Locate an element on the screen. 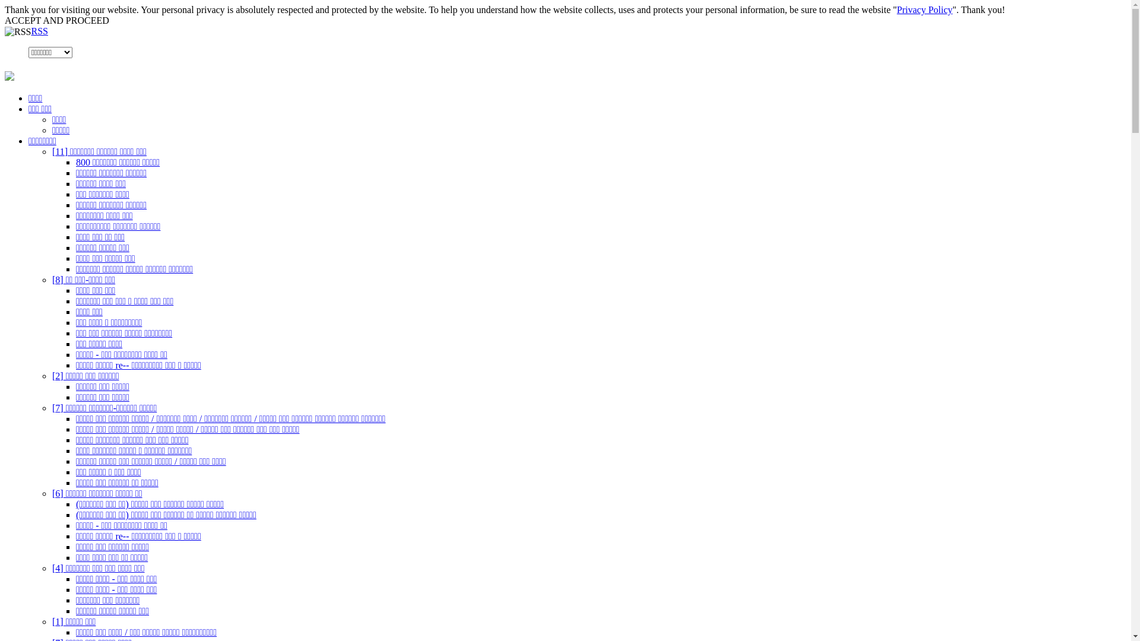 This screenshot has width=1140, height=641. 'RSS' is located at coordinates (39, 30).